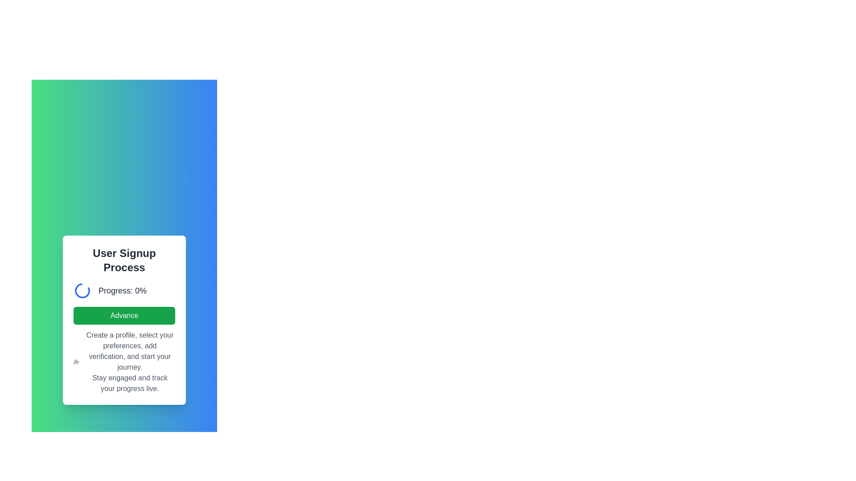 This screenshot has height=481, width=856. What do you see at coordinates (129, 362) in the screenshot?
I see `instructional or informational text from the static text block located within the card-like module below the 'Advance' button and above the bottom edge of the card` at bounding box center [129, 362].